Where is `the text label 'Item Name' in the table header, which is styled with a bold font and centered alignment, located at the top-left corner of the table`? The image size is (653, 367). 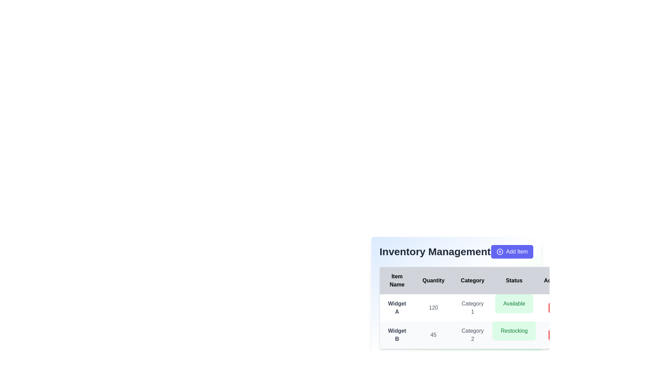 the text label 'Item Name' in the table header, which is styled with a bold font and centered alignment, located at the top-left corner of the table is located at coordinates (397, 280).